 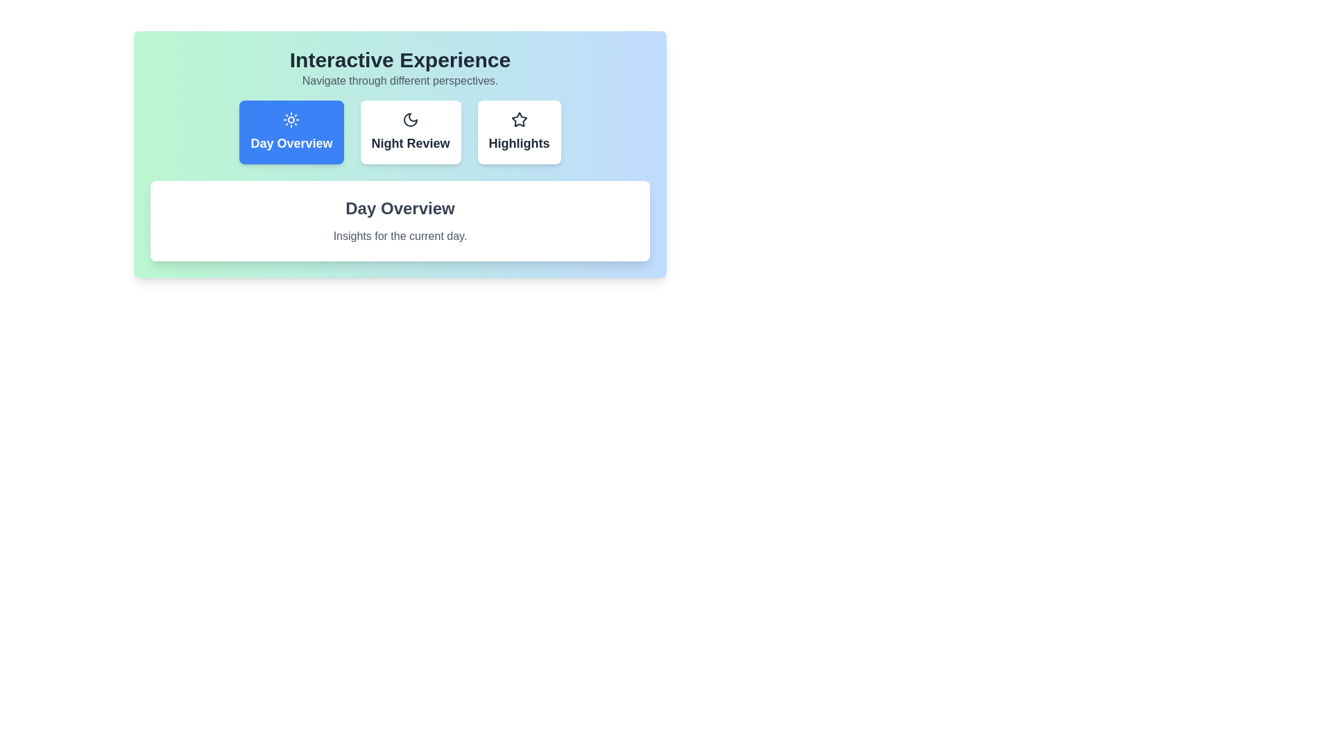 What do you see at coordinates (409, 132) in the screenshot?
I see `the Night Review tab to switch to its content` at bounding box center [409, 132].